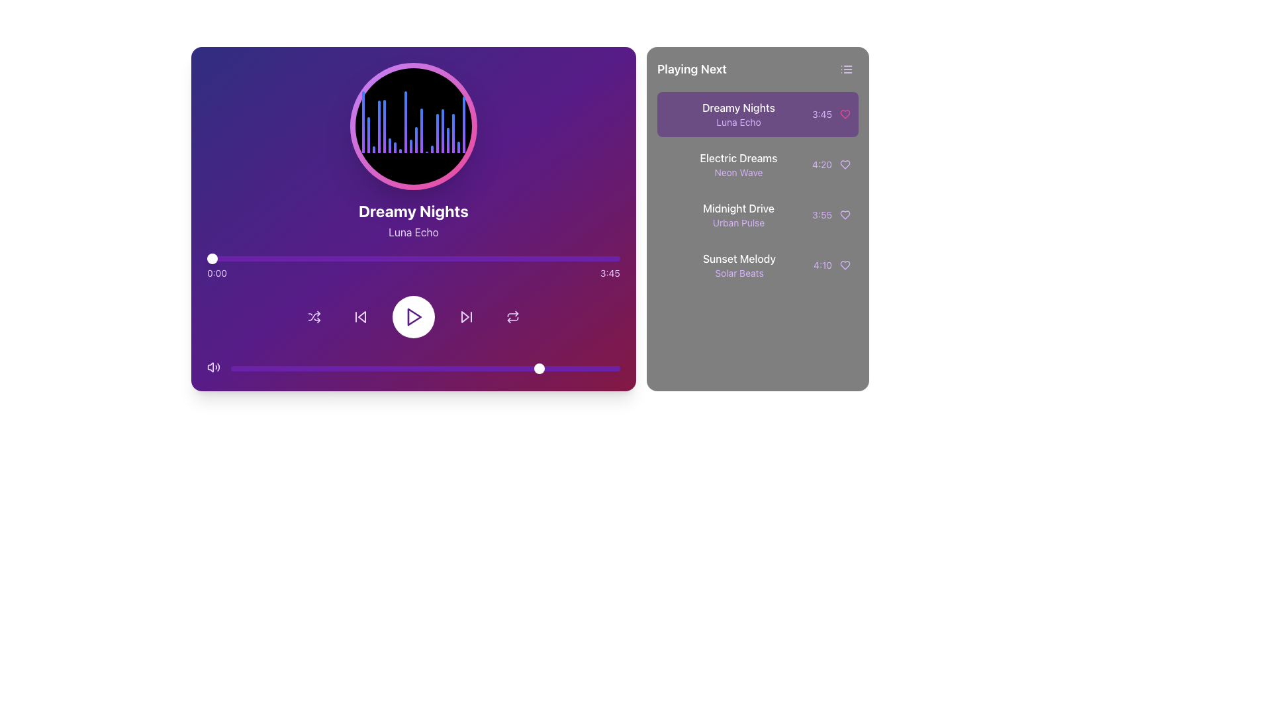  I want to click on the heart-shaped icon representing a 'like' or 'favorite' action located in the 'Playing Next' playlist section, adjacent to the song title and duration of 'Dreamy Nights', positioned directly to the right of the duration text ('3:45'), so click(844, 114).